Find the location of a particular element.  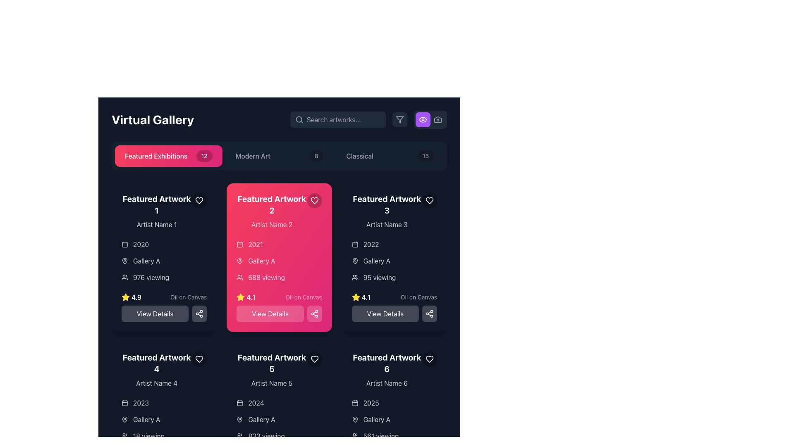

numerical value '4.1' displayed in white text next to the yellow star icon in the rating section of the 'Featured Artwork 3' card is located at coordinates (366, 297).